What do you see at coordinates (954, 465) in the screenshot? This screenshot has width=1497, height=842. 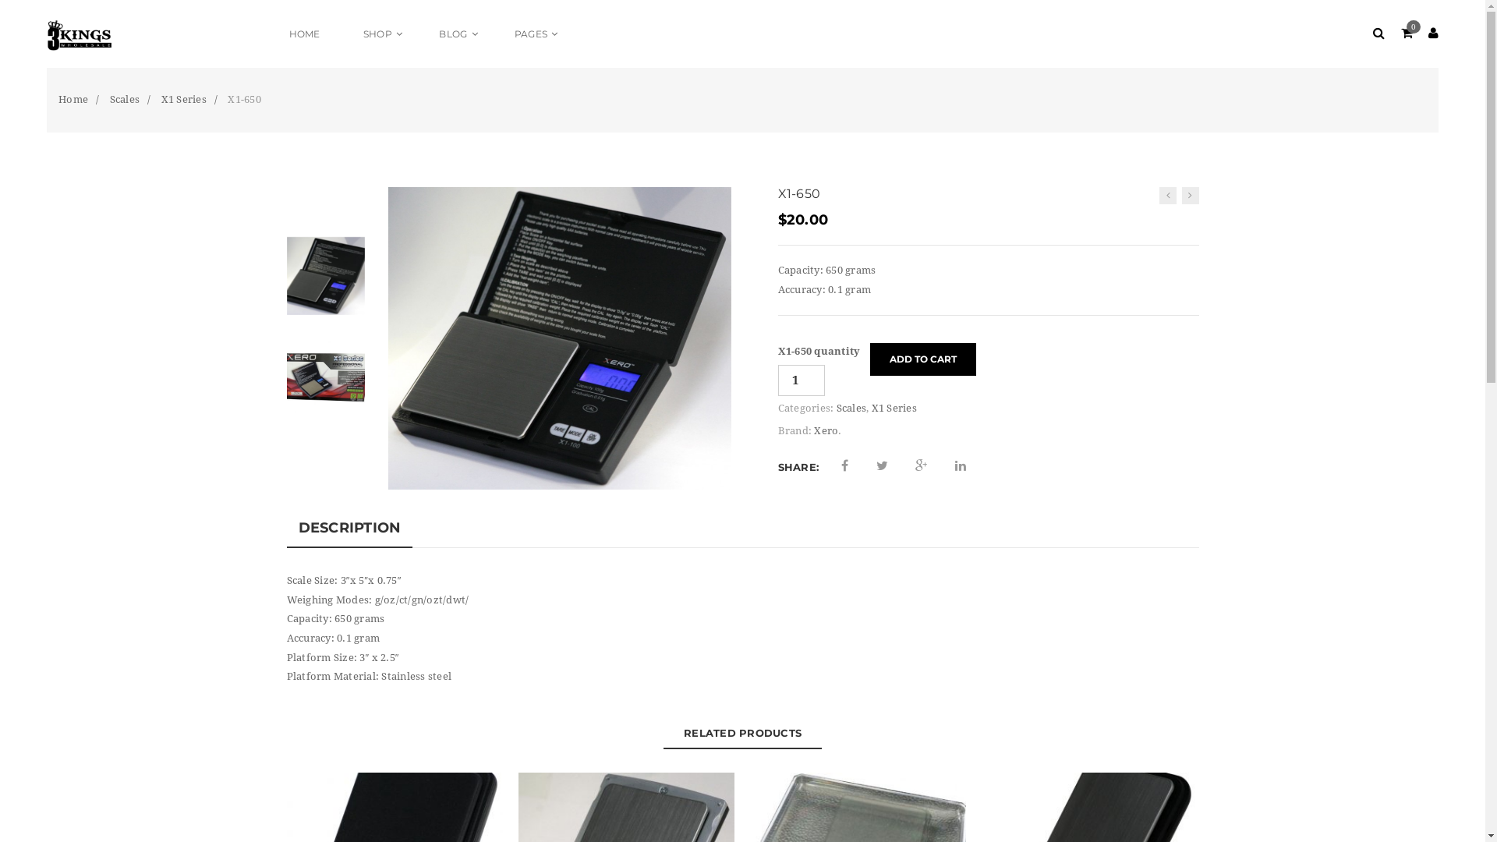 I see `'Share on Linked In'` at bounding box center [954, 465].